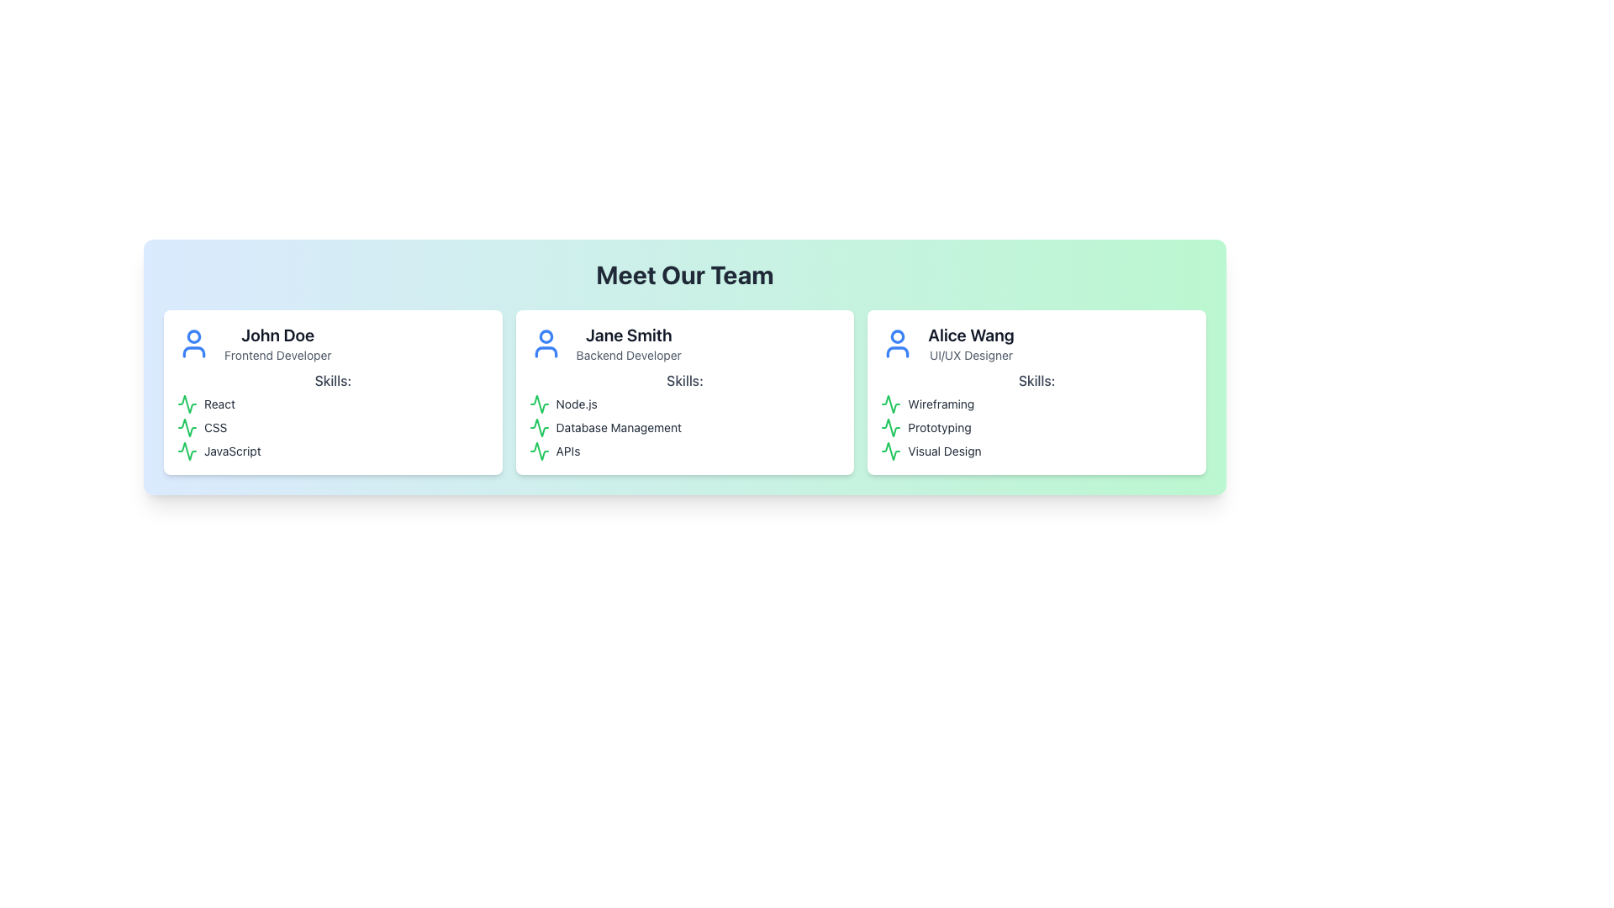  I want to click on the green waveform icon located to the left of the 'Visual Design' label under Alice Wang's profile in the 'Meet Our Team' section, so click(890, 450).